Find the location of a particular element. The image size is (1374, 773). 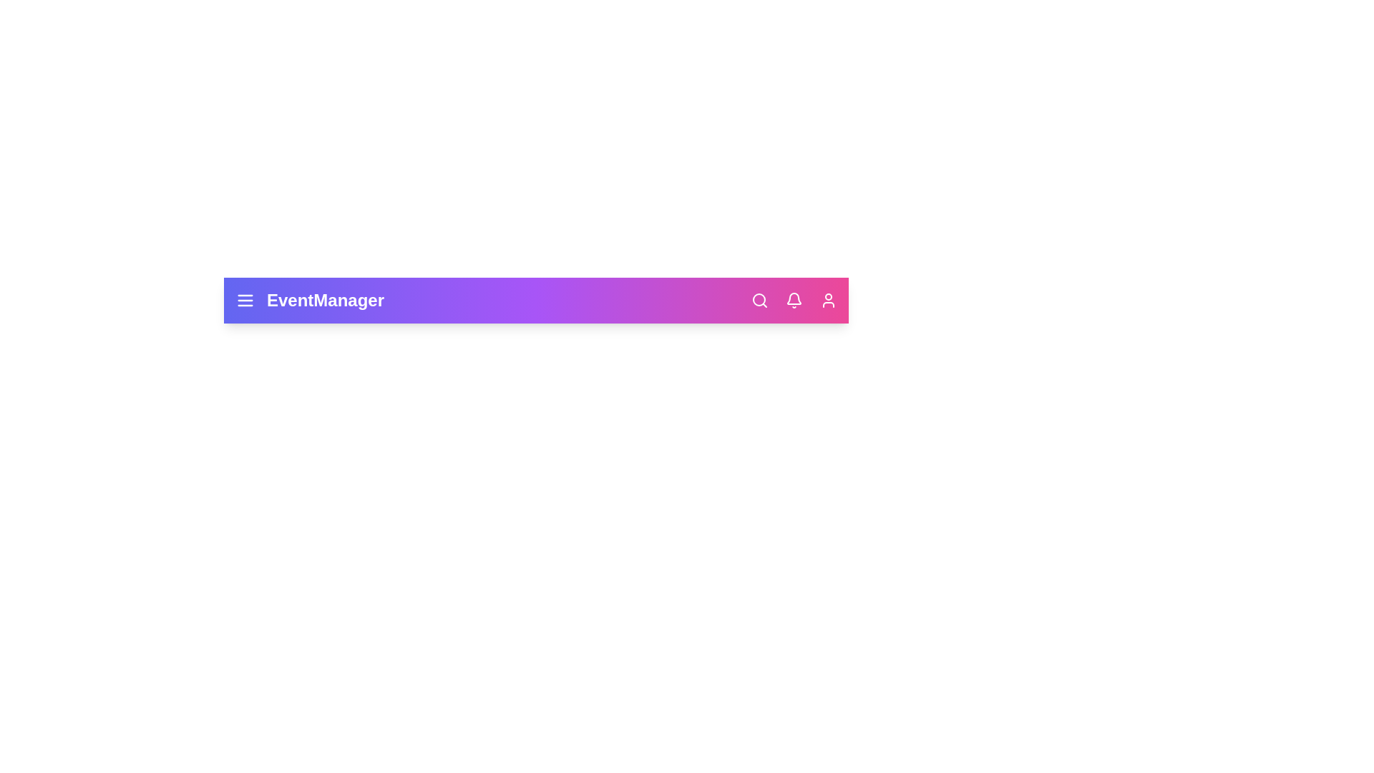

the notification bell icon is located at coordinates (793, 300).